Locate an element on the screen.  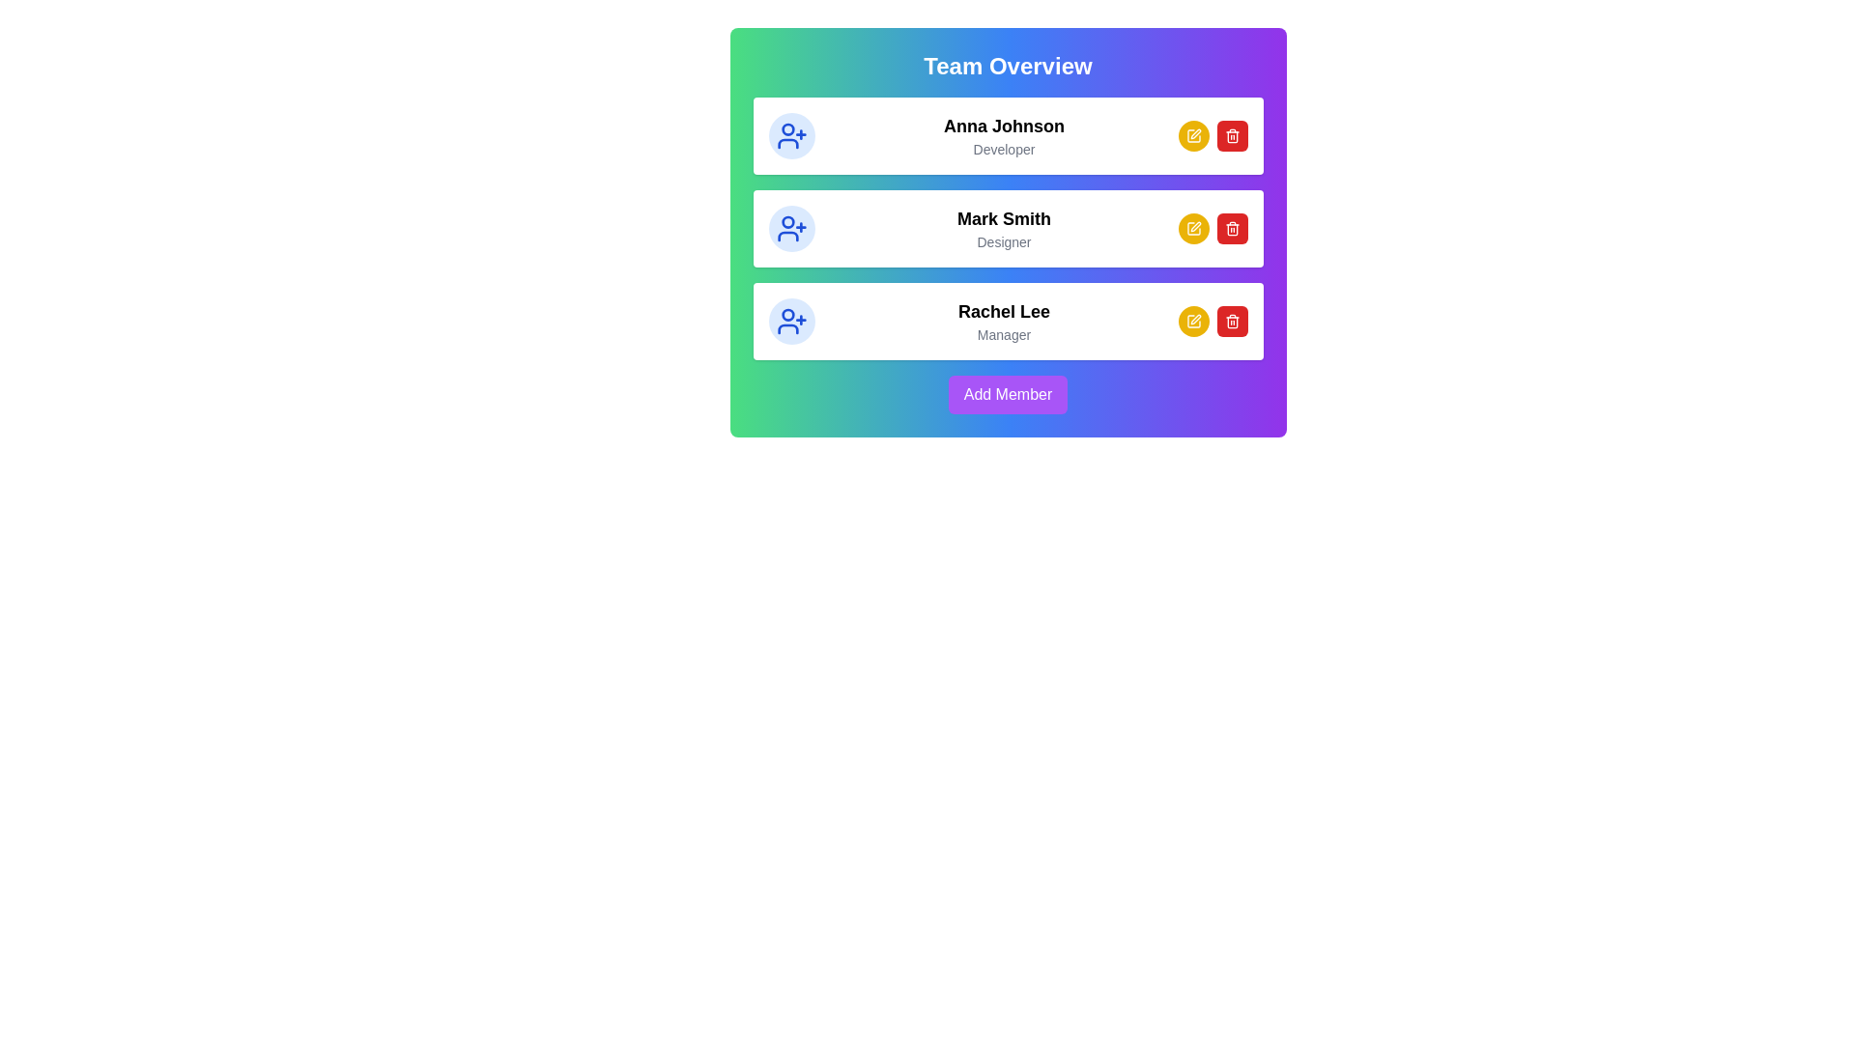
the text block displaying 'Mark Smith' and 'Designer', which is located in the middle of three vertically stacked cards, centered horizontally and positioned to the right of an avatar icon is located at coordinates (1004, 227).